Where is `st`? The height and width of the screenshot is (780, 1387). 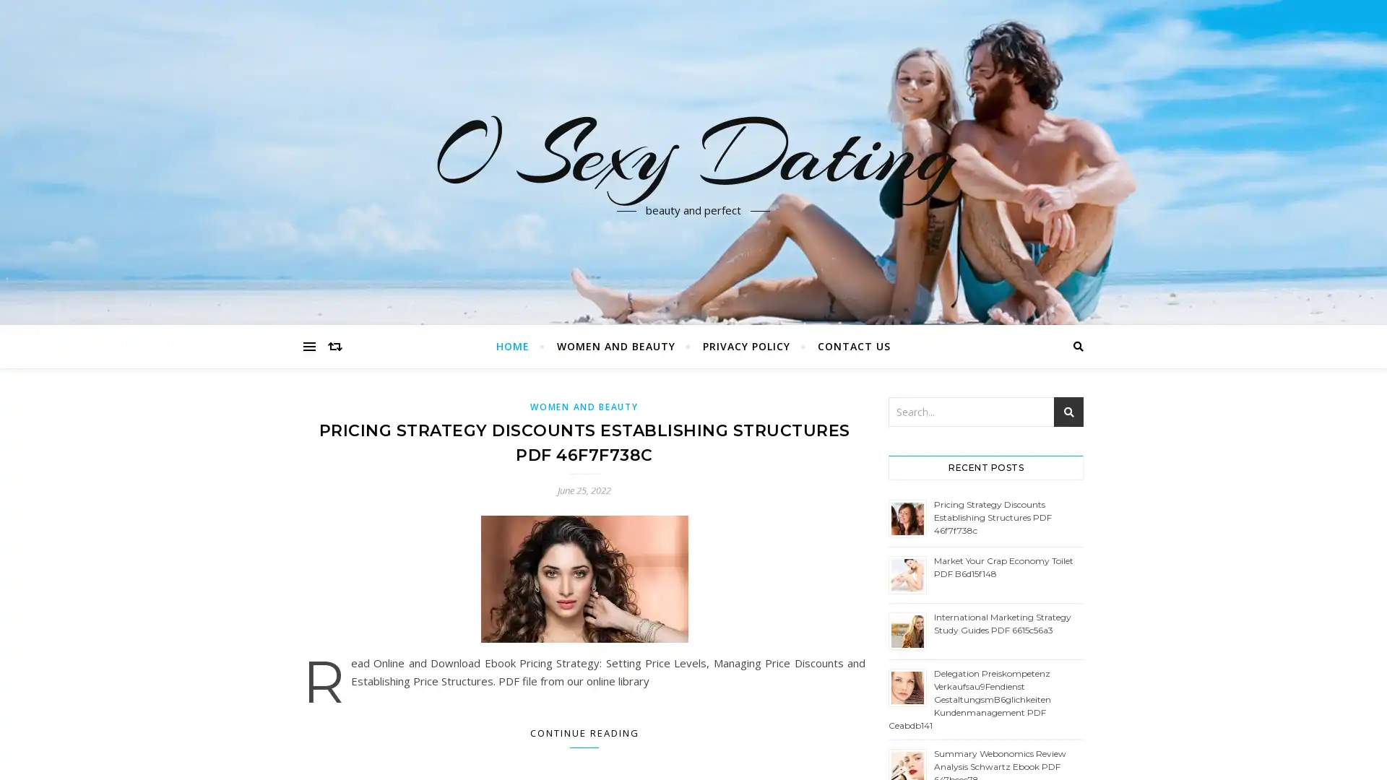
st is located at coordinates (1068, 412).